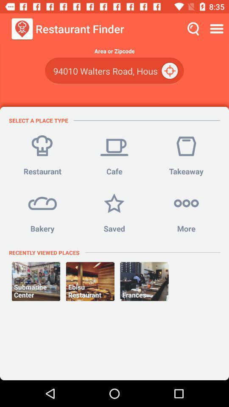 The width and height of the screenshot is (229, 407). What do you see at coordinates (170, 70) in the screenshot?
I see `the location_crosshair icon` at bounding box center [170, 70].